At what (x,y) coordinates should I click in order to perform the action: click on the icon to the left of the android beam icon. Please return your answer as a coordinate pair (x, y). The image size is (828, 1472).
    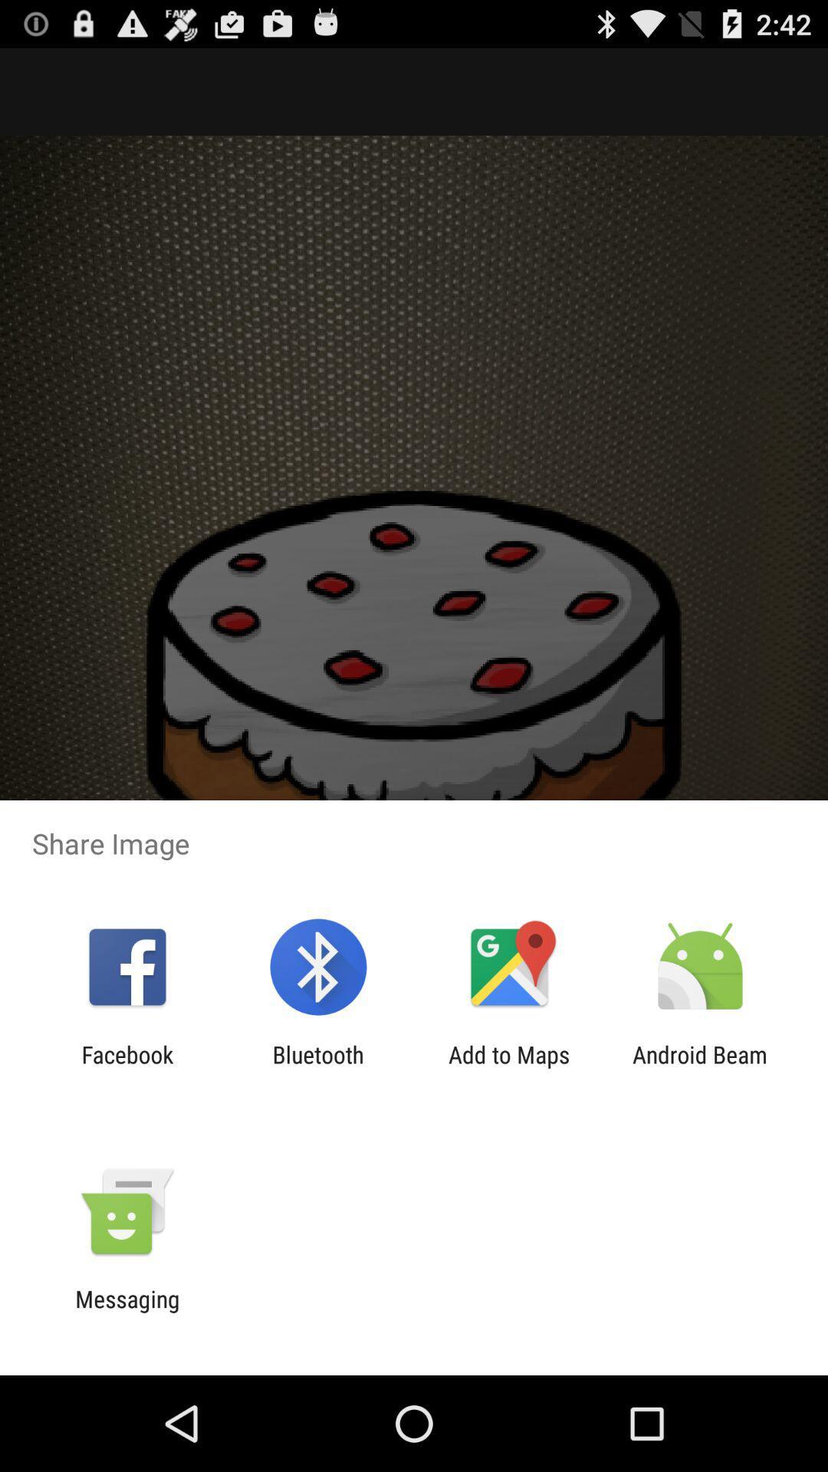
    Looking at the image, I should click on (509, 1067).